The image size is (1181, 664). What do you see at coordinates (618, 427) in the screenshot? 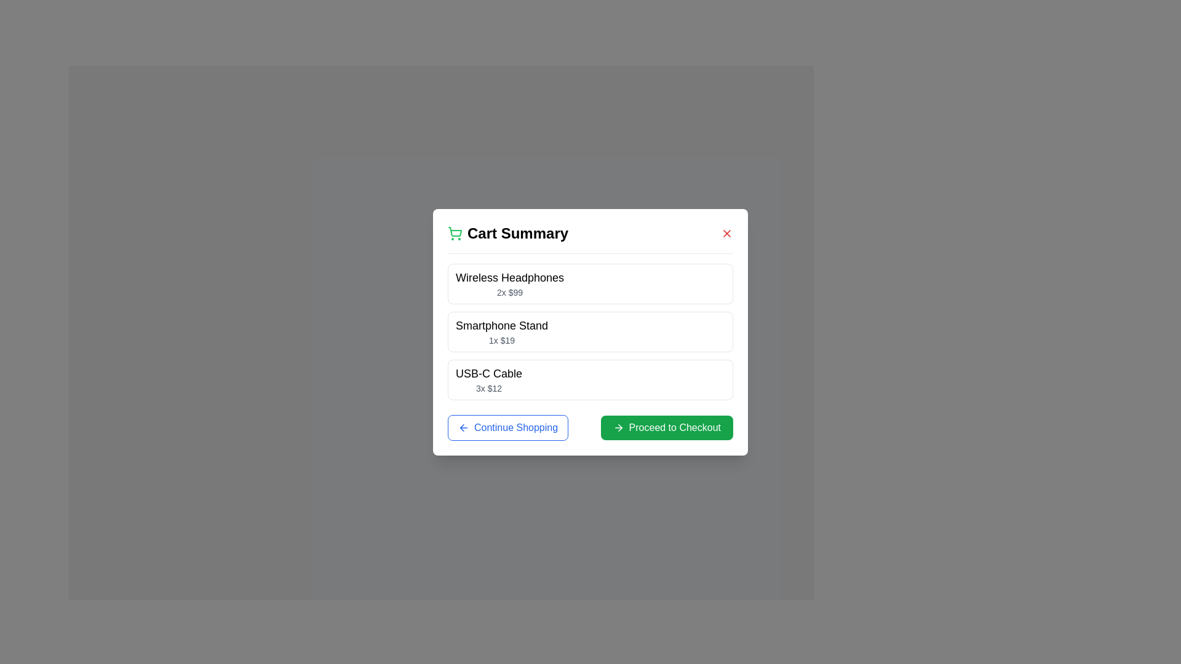
I see `the arrow icon which is a simple line drawing styled with a green background, located to the right of the 'Proceed to Checkout' button in the 'Cart Summary' modal` at bounding box center [618, 427].